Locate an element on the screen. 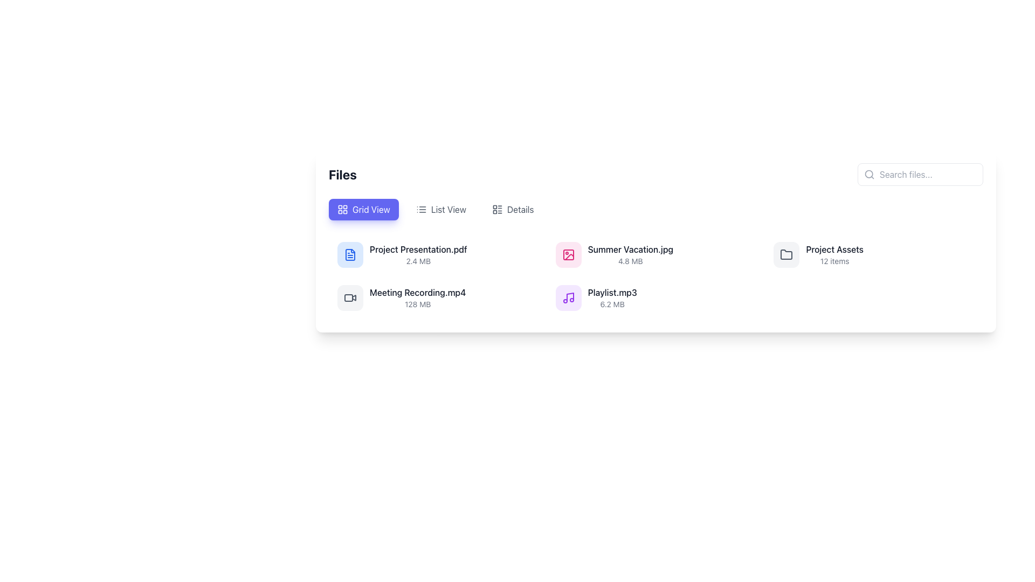  the 'Meeting Recording.mp4' file item, which has a video icon and is located in the grid view under the 'Files' section is located at coordinates (438, 297).